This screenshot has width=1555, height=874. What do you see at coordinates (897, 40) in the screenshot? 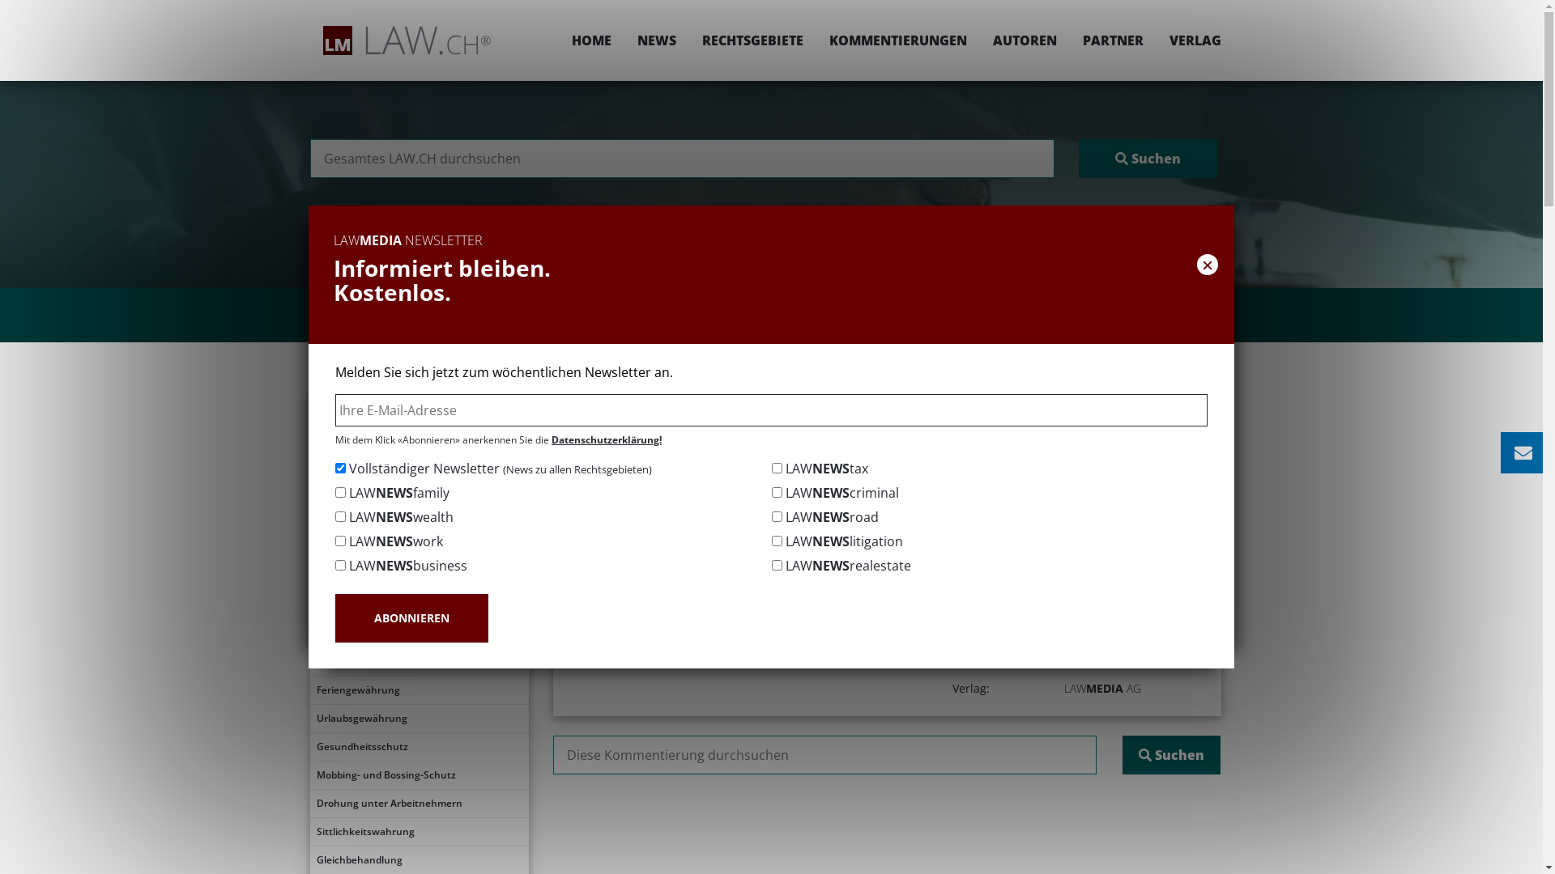
I see `'KOMMENTIERUNGEN'` at bounding box center [897, 40].